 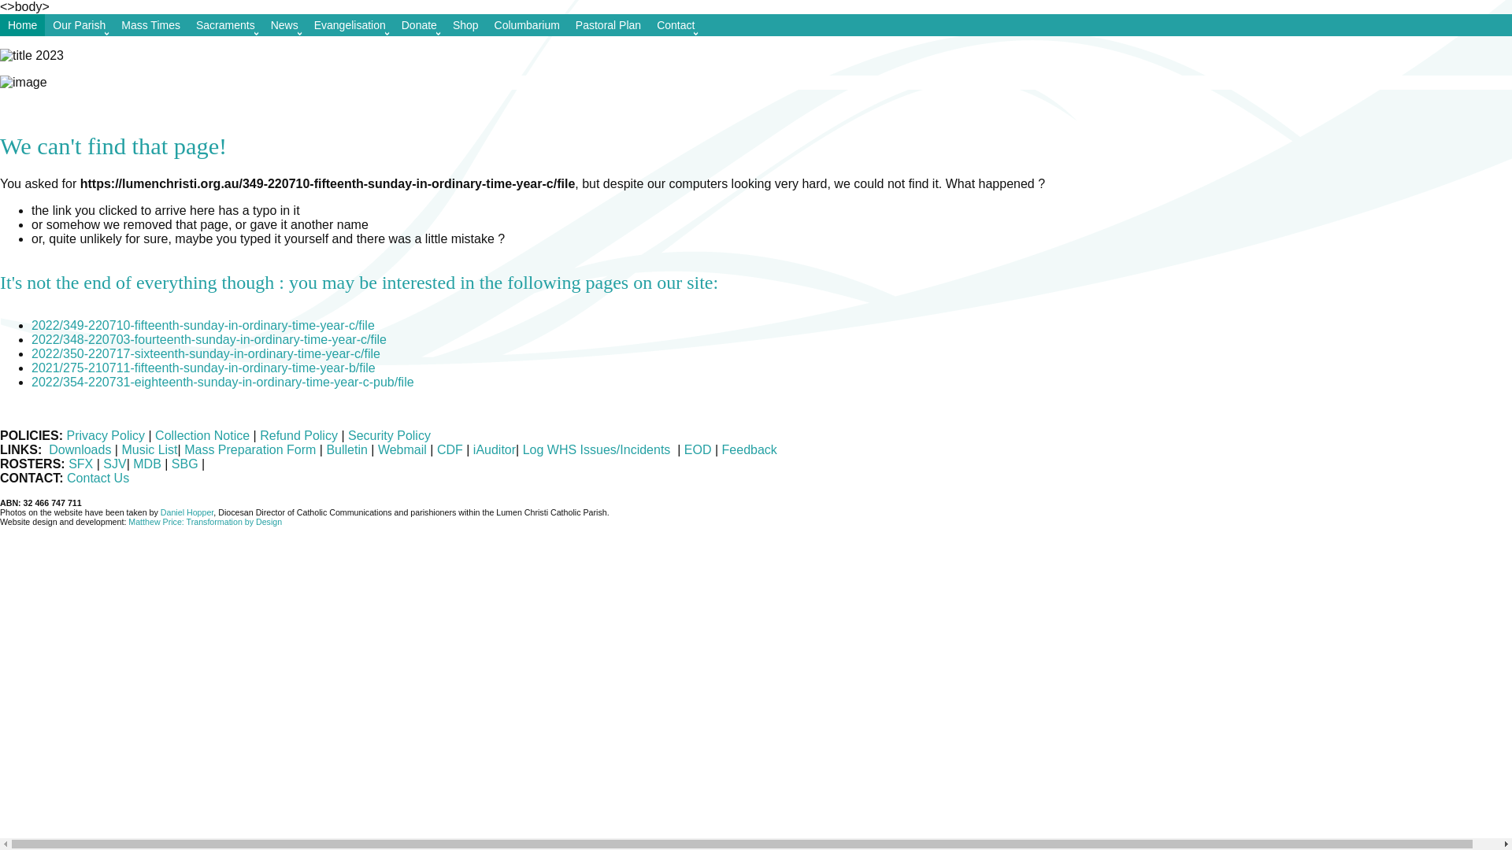 What do you see at coordinates (597, 449) in the screenshot?
I see `'Log WHS Issues/Incidents '` at bounding box center [597, 449].